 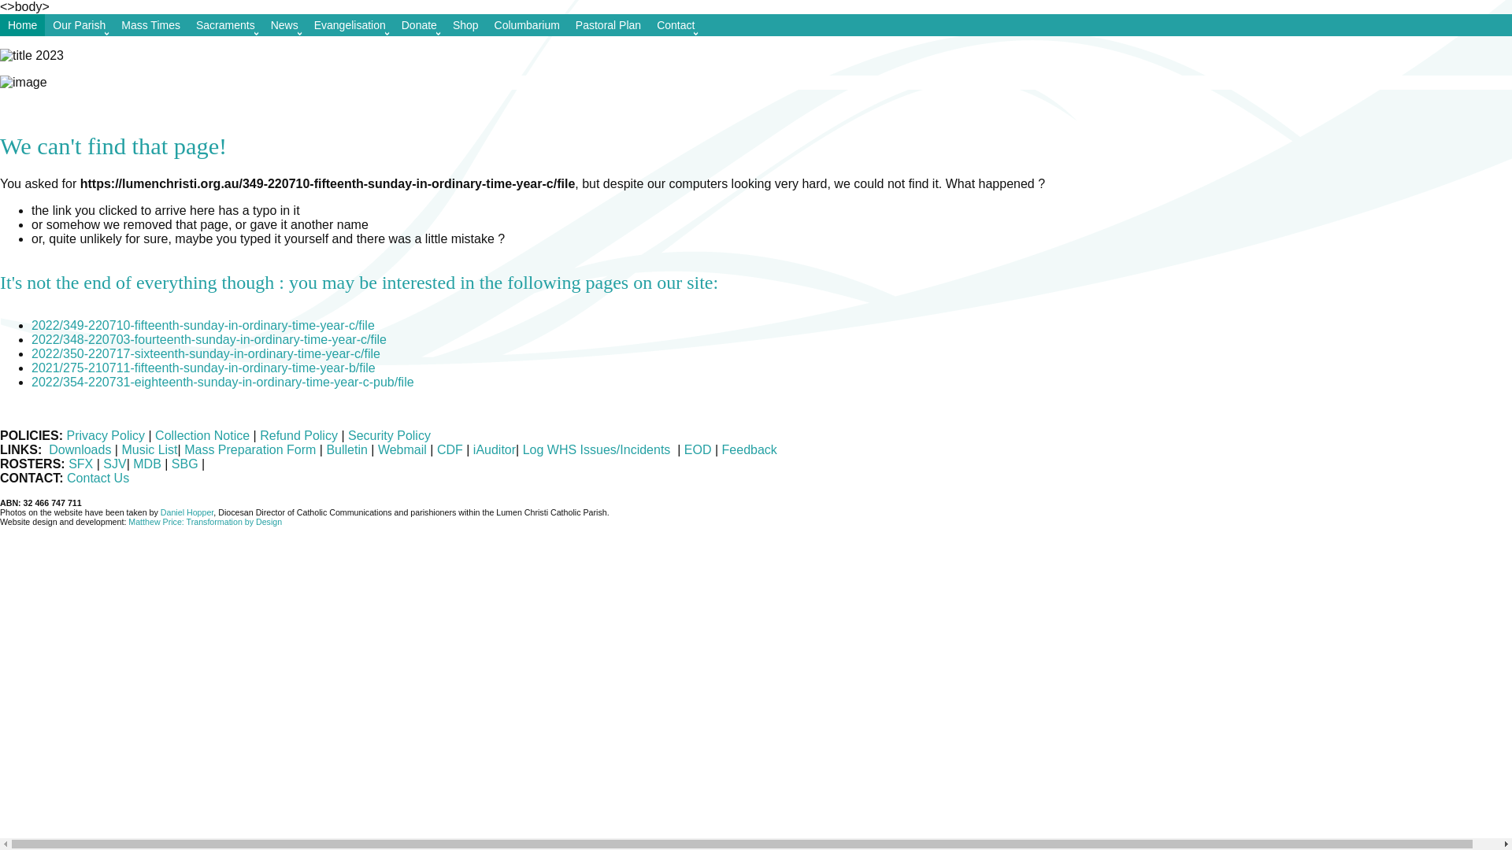 What do you see at coordinates (597, 449) in the screenshot?
I see `'Log WHS Issues/Incidents '` at bounding box center [597, 449].